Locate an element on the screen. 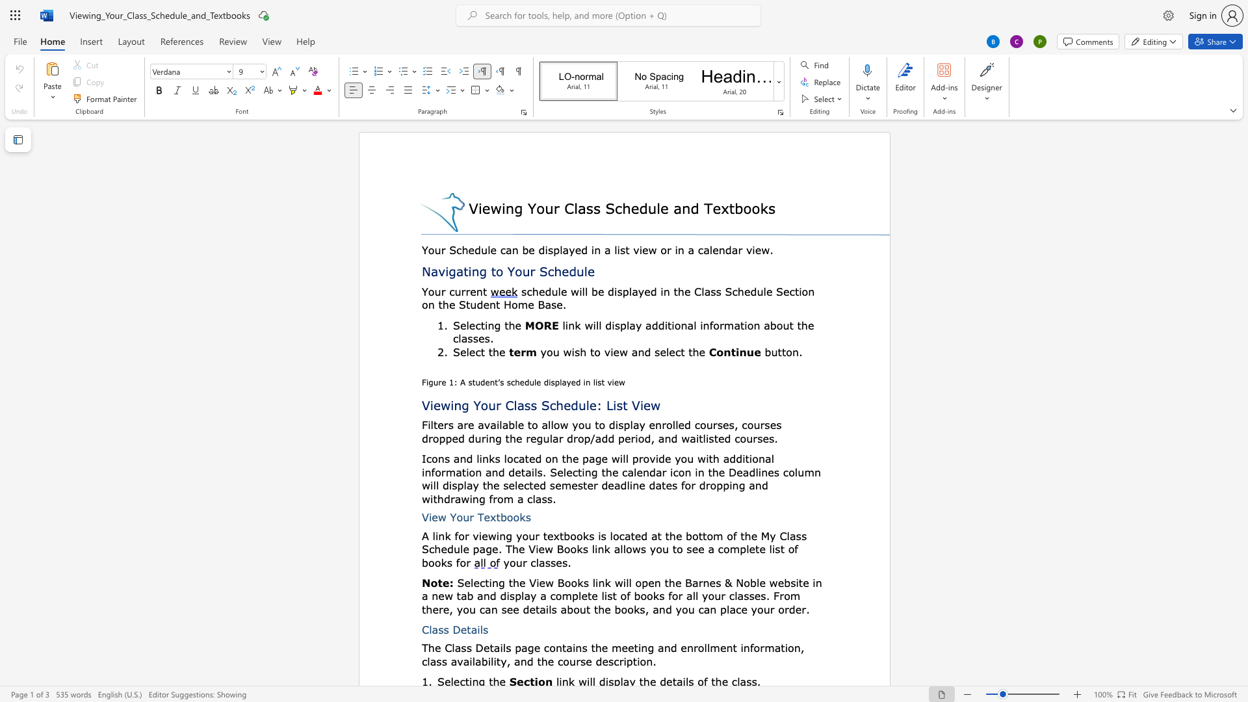 The width and height of the screenshot is (1248, 702). the 2th character "o" in the text is located at coordinates (509, 516).